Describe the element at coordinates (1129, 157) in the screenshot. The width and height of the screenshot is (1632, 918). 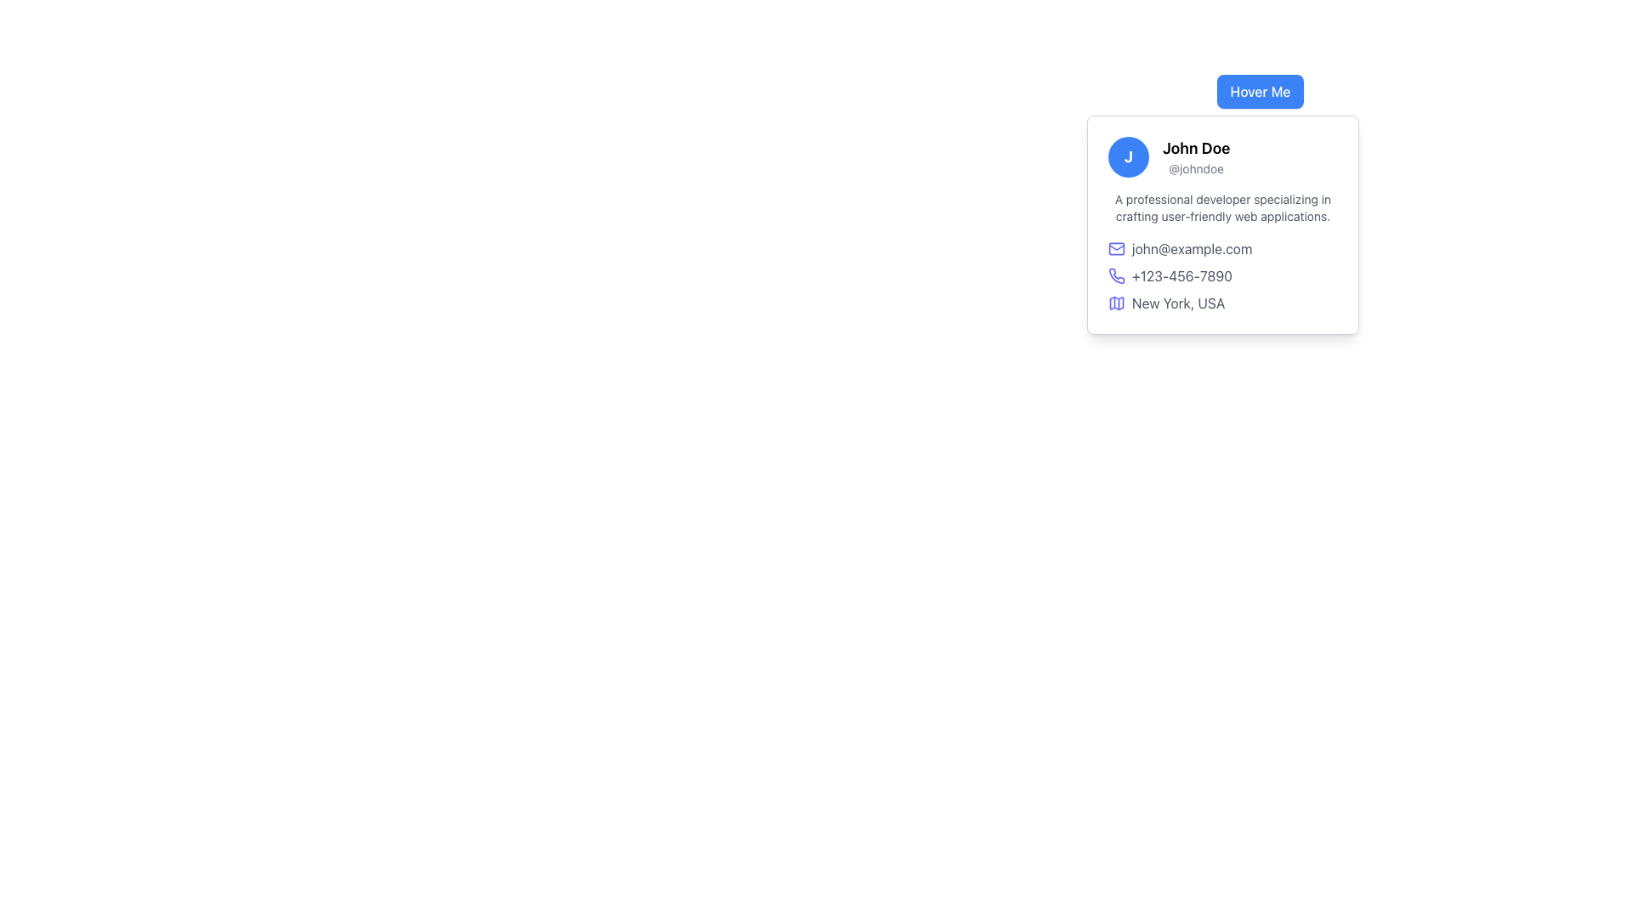
I see `the user avatar placeholder for 'John Doe' to interact with it` at that location.